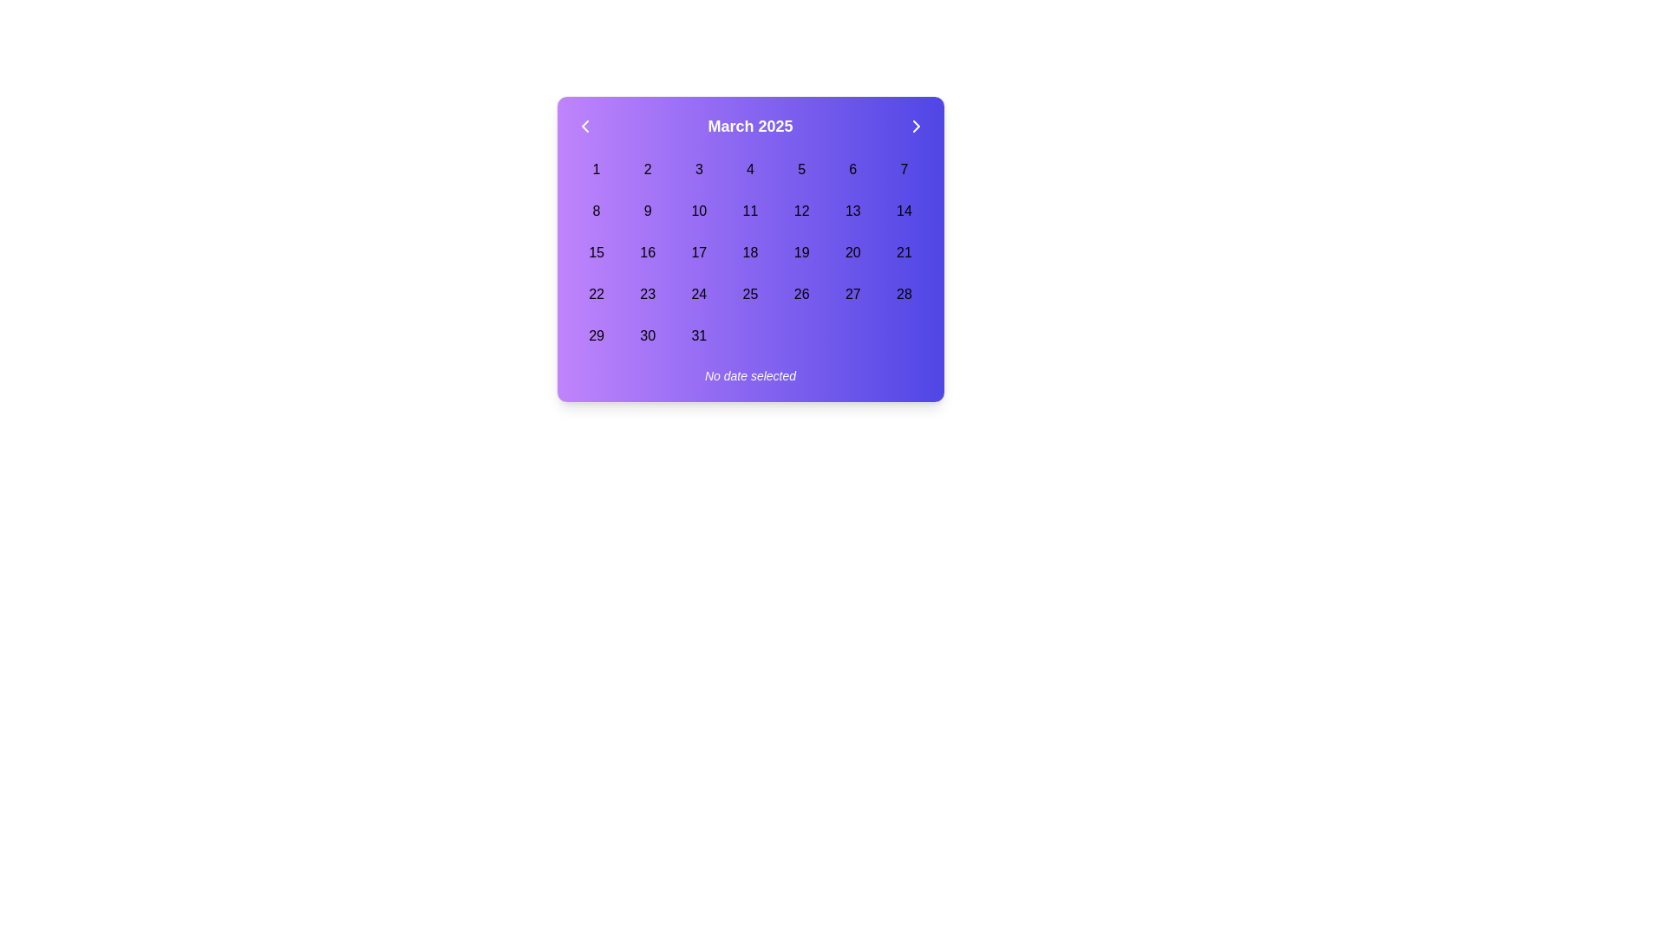 This screenshot has height=936, width=1665. Describe the element at coordinates (750, 210) in the screenshot. I see `the button displaying the number '11' in the calendar grid, located in the 4th column of the 2nd row` at that location.